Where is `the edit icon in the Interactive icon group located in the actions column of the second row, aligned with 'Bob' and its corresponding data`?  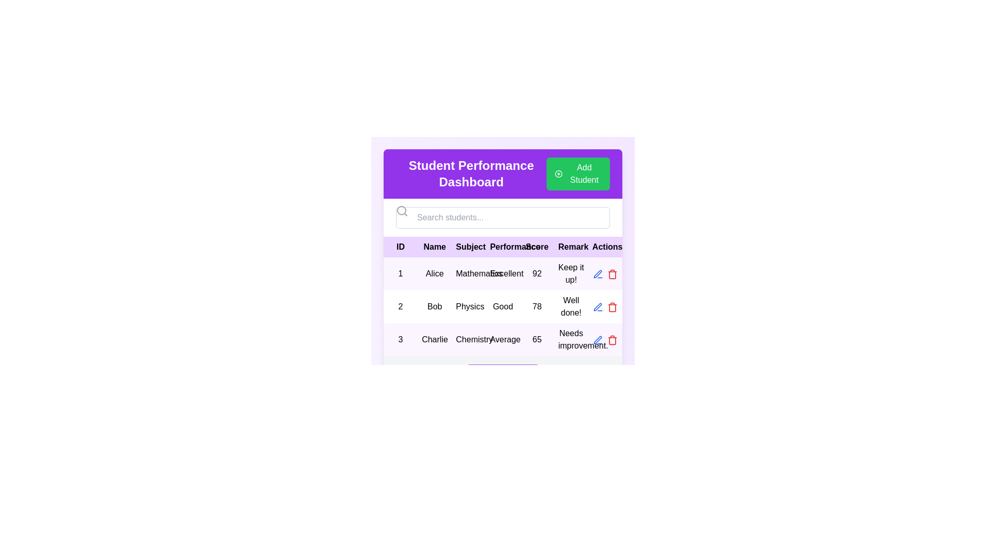 the edit icon in the Interactive icon group located in the actions column of the second row, aligned with 'Bob' and its corresponding data is located at coordinates (605, 306).